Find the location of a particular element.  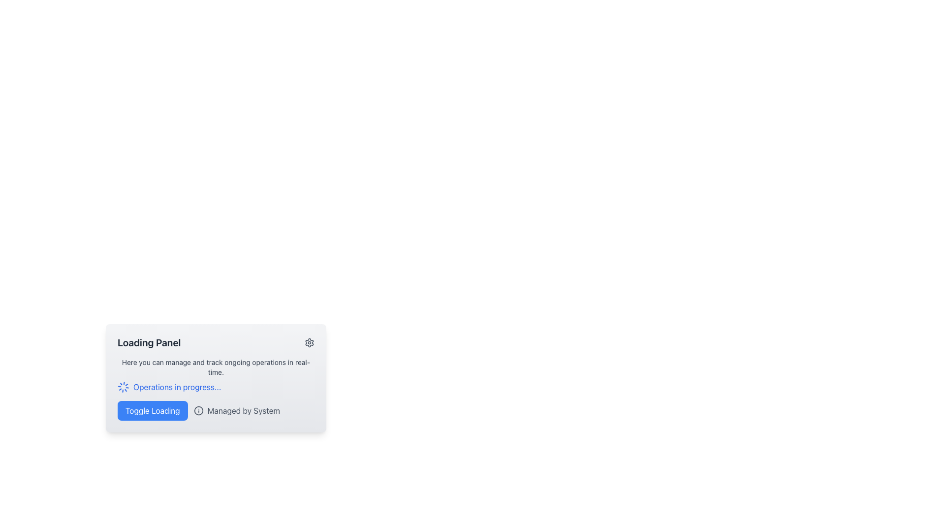

the static text displaying 'Here you can manage and track ongoing operations in real-time.' located beneath the title in the 'Loading Panel' card is located at coordinates (215, 367).